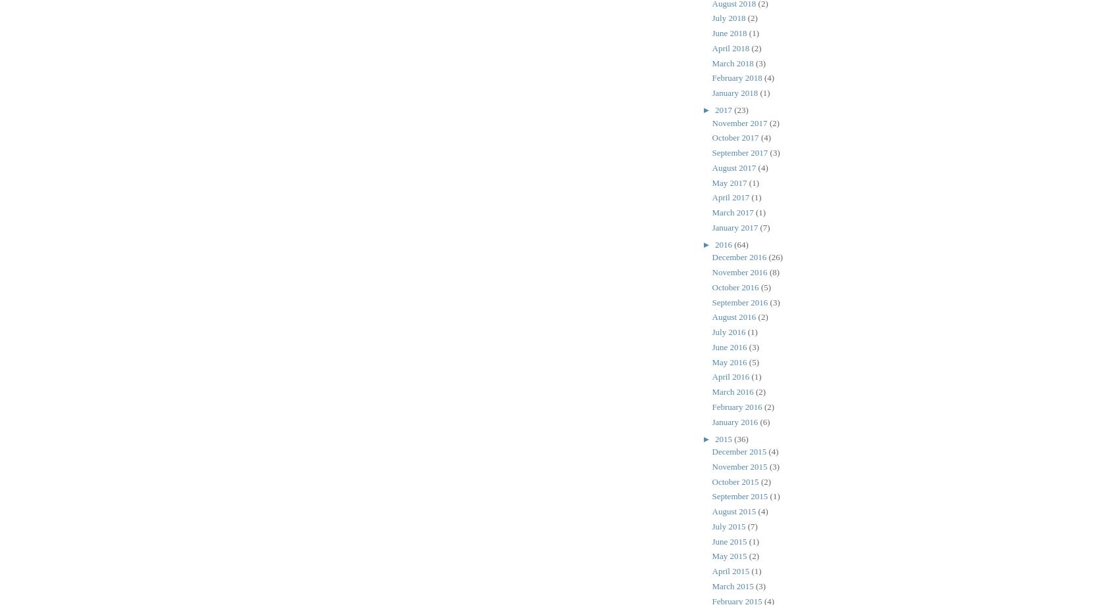  I want to click on '(8)', so click(774, 272).